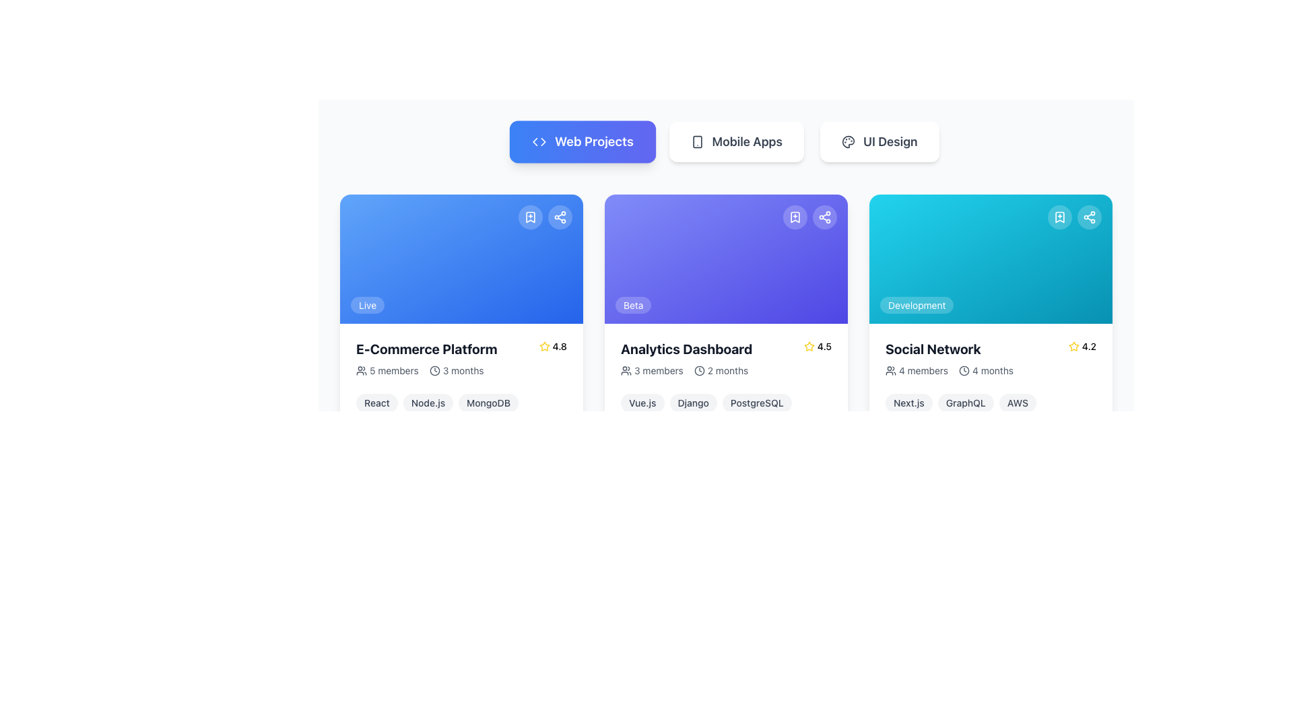 Image resolution: width=1293 pixels, height=727 pixels. Describe the element at coordinates (461, 371) in the screenshot. I see `the icons representing '5 members' and '3 months'` at that location.